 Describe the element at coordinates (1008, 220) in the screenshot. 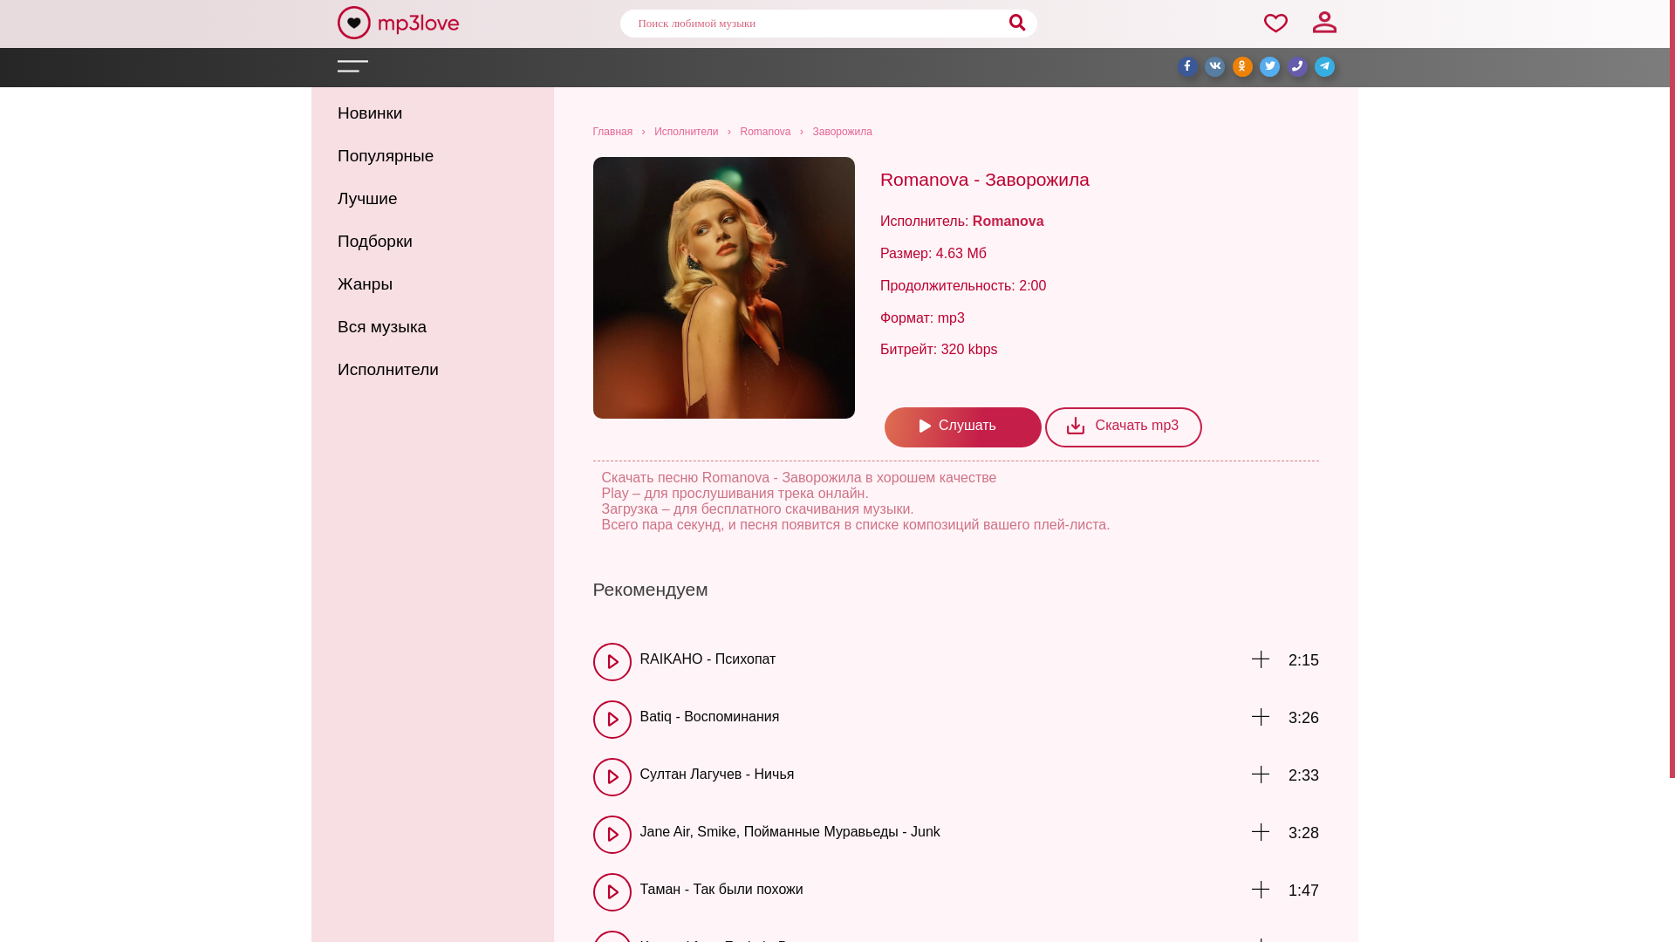

I see `'Romanova'` at that location.